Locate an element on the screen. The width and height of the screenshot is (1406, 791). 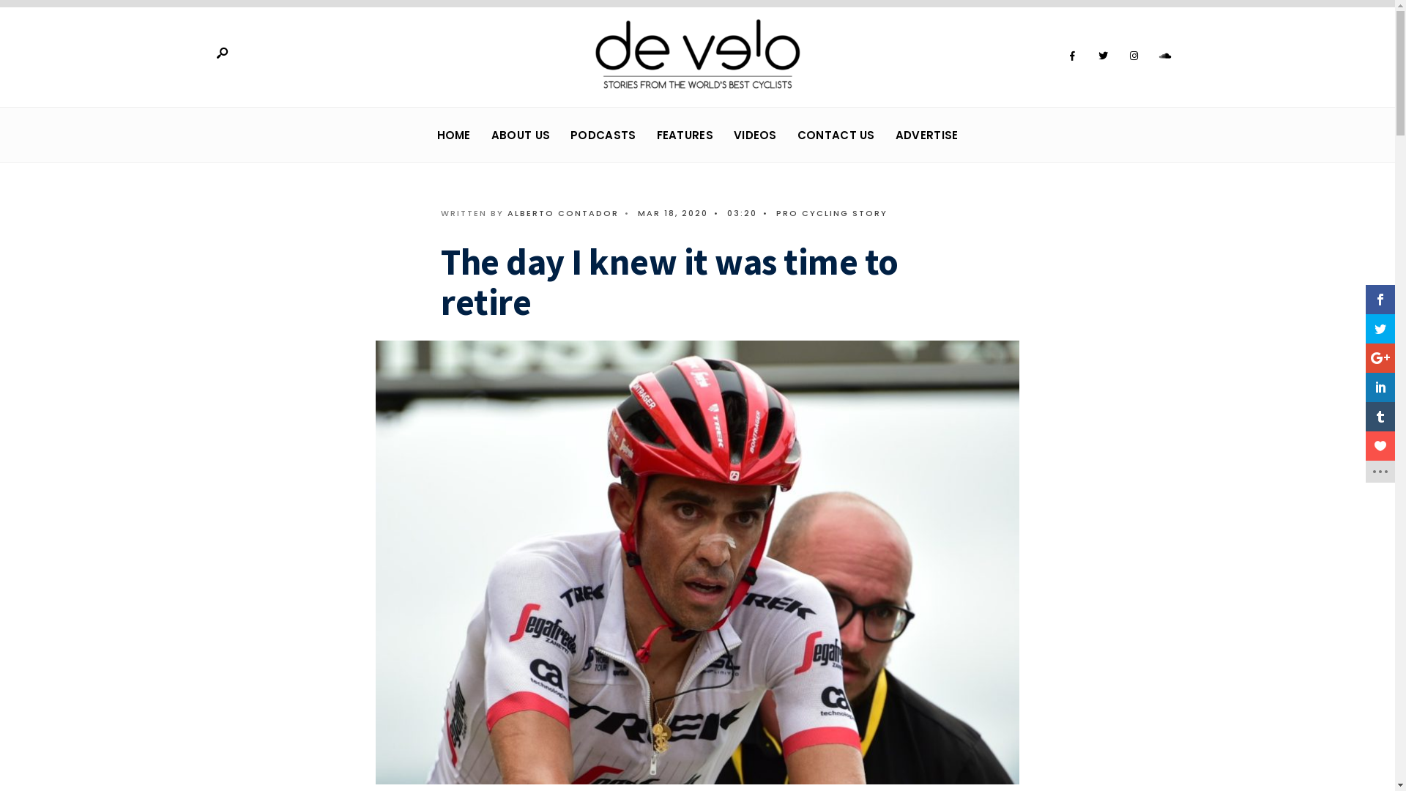
'Instagram' is located at coordinates (1120, 56).